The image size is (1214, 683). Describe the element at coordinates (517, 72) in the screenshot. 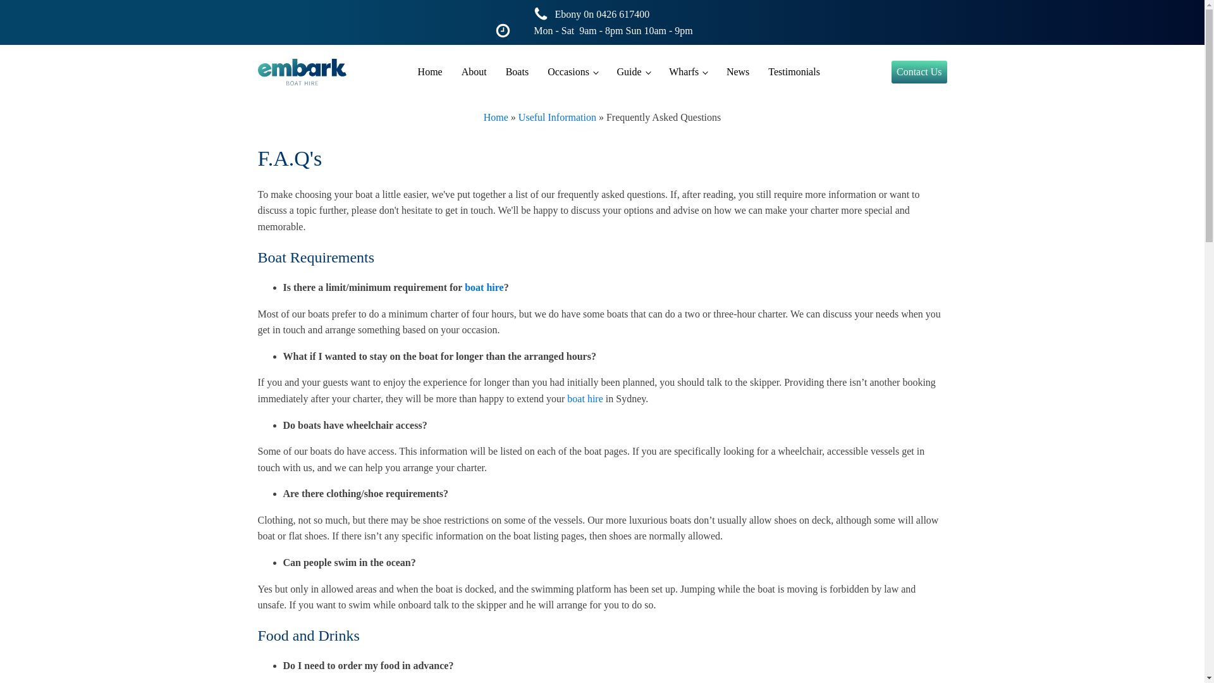

I see `'Boats'` at that location.